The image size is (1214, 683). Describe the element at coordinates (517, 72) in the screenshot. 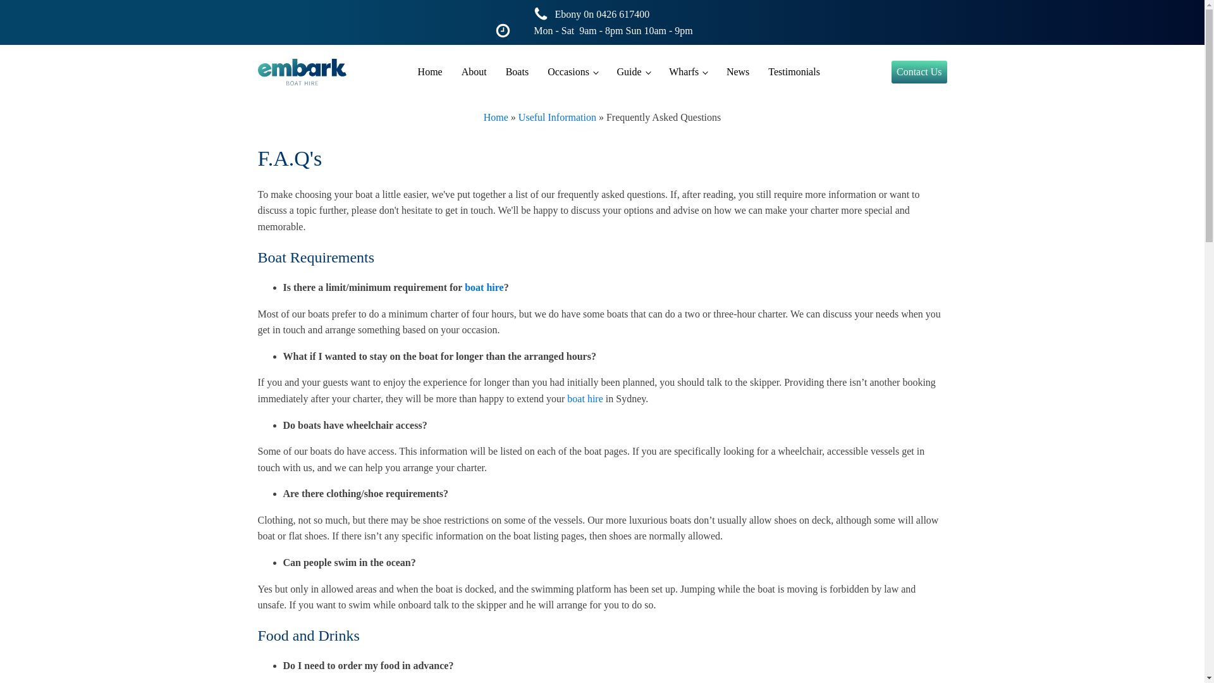

I see `'Boats'` at that location.